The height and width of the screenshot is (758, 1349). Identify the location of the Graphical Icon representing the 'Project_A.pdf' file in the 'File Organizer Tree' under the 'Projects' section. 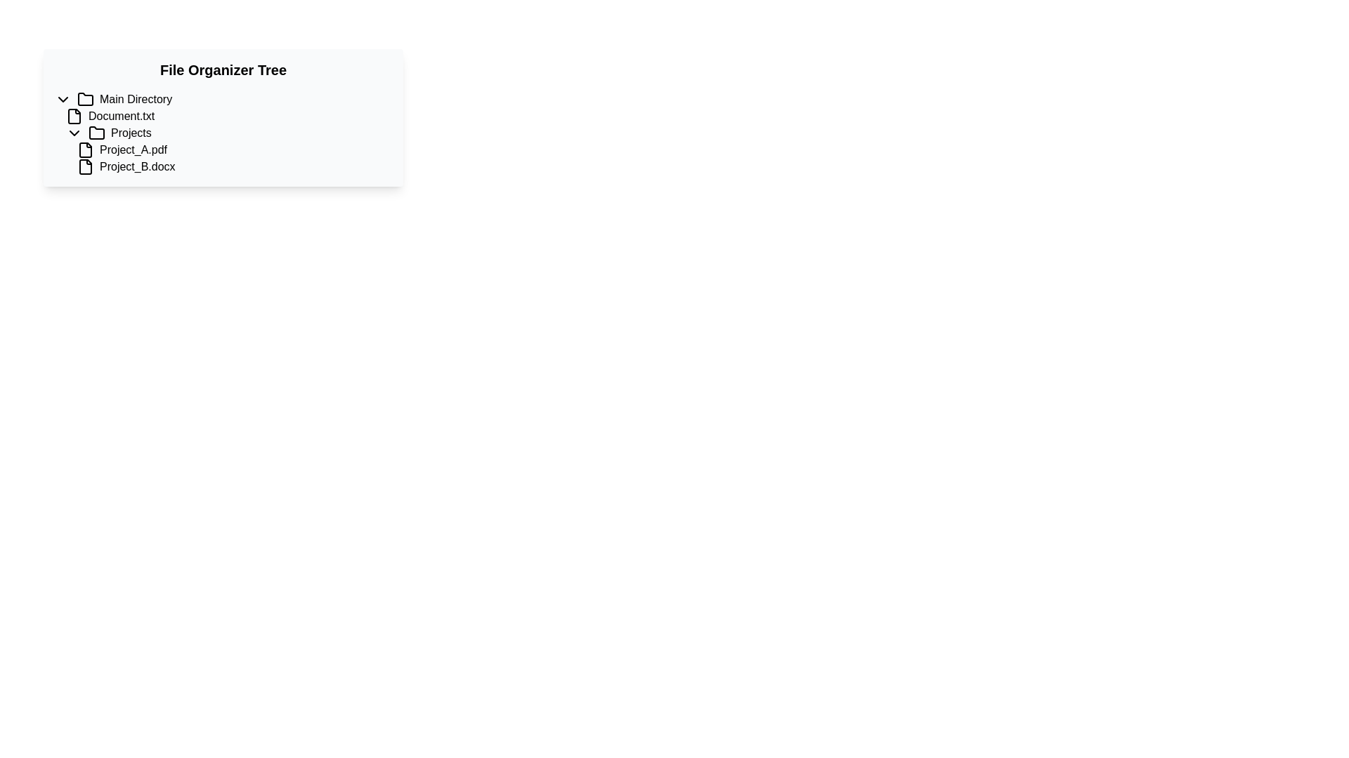
(84, 149).